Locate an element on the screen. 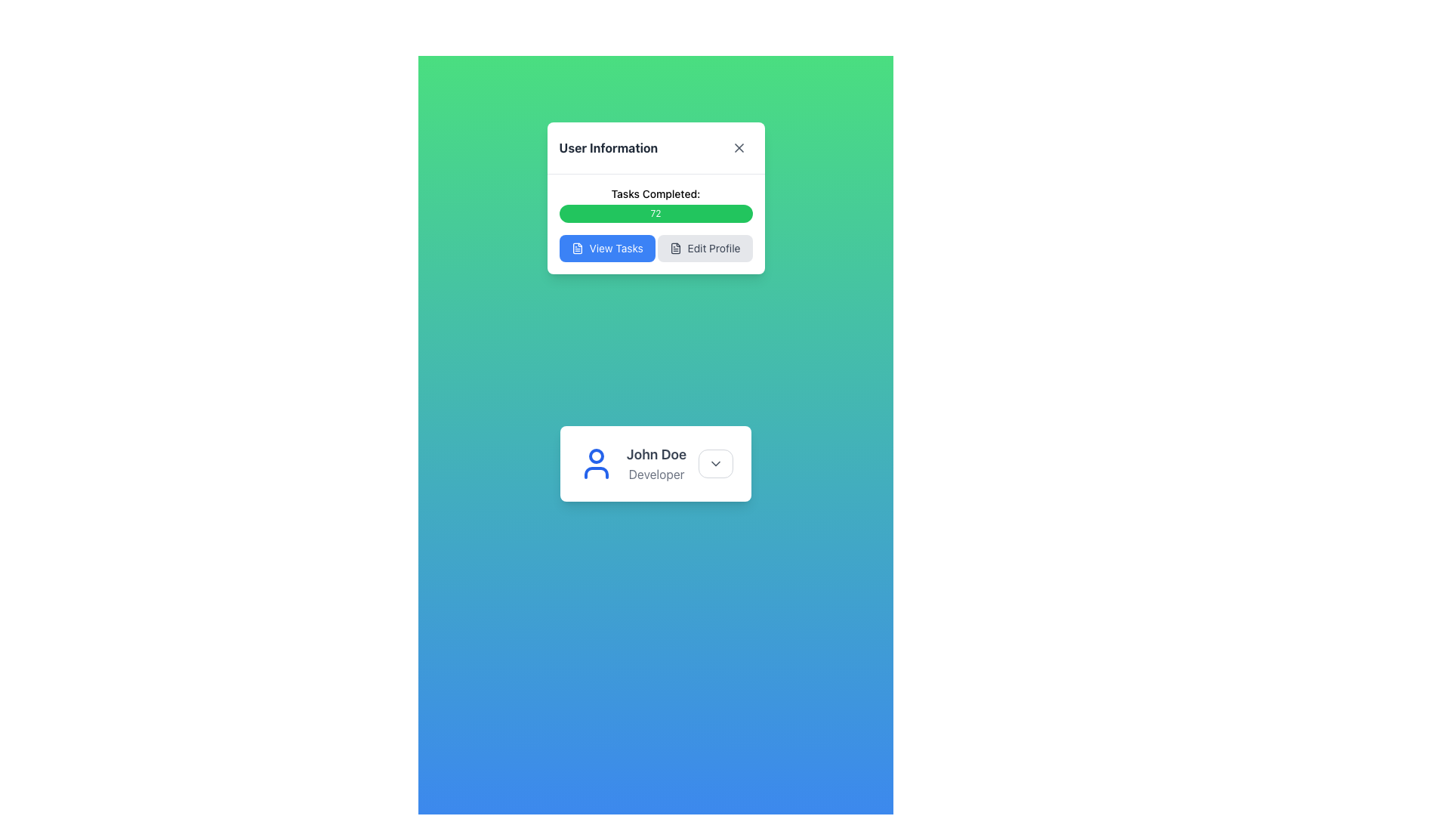 This screenshot has height=816, width=1450. the SVG icon resembling a file or document located to the left of the 'View Tasks' text within the blue button is located at coordinates (576, 247).